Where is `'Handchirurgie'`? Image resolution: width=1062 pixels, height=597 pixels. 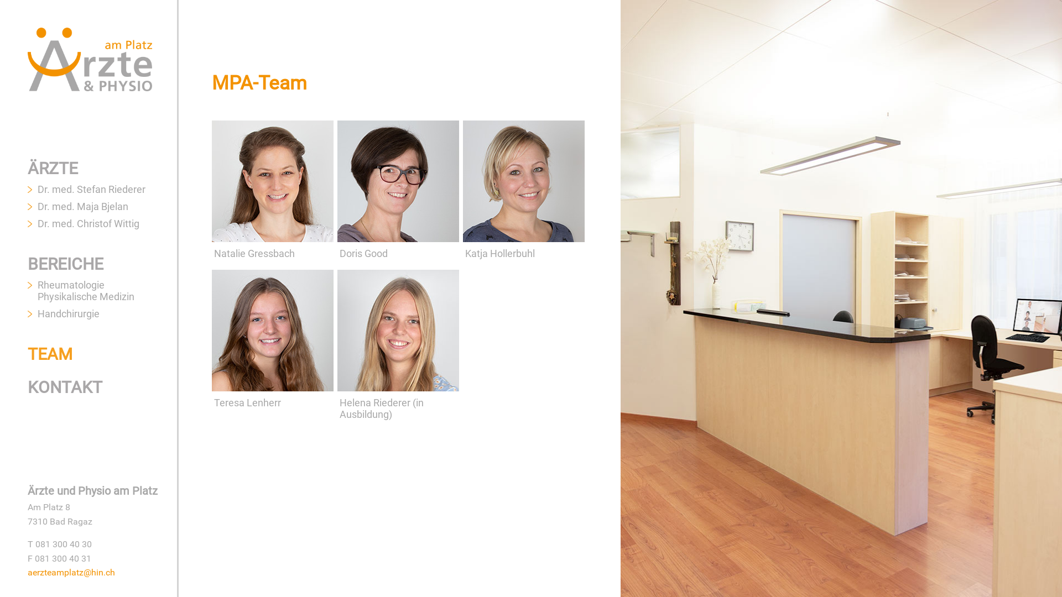 'Handchirurgie' is located at coordinates (68, 313).